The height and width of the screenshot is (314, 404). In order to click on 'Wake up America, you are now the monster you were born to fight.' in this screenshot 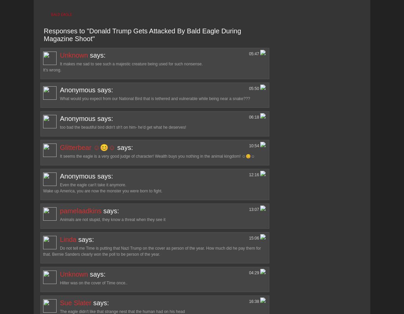, I will do `click(103, 191)`.